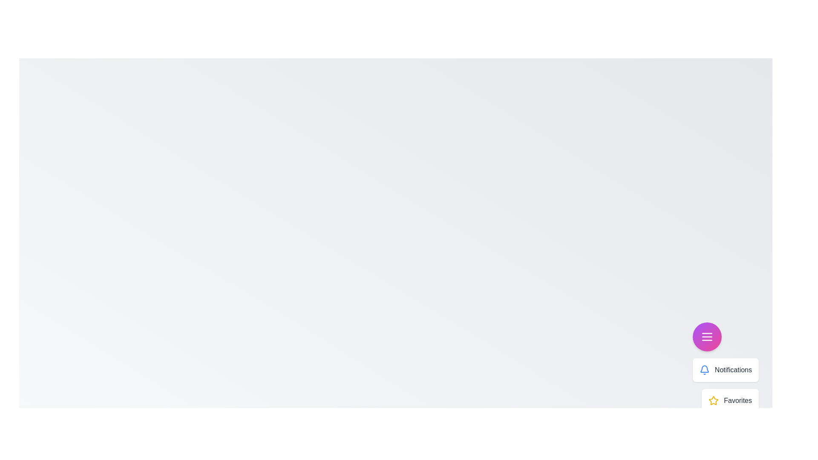 This screenshot has width=818, height=460. Describe the element at coordinates (704, 369) in the screenshot. I see `the menu option Notifications from the speed dial` at that location.